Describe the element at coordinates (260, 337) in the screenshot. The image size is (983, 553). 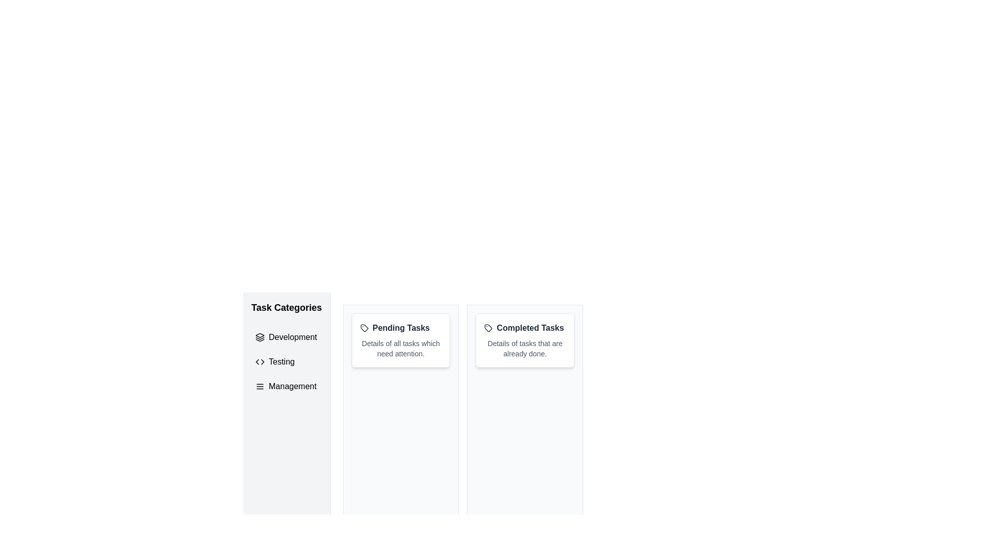
I see `the 'Development' category icon located in the left navigation menu under 'Task Categories.'` at that location.